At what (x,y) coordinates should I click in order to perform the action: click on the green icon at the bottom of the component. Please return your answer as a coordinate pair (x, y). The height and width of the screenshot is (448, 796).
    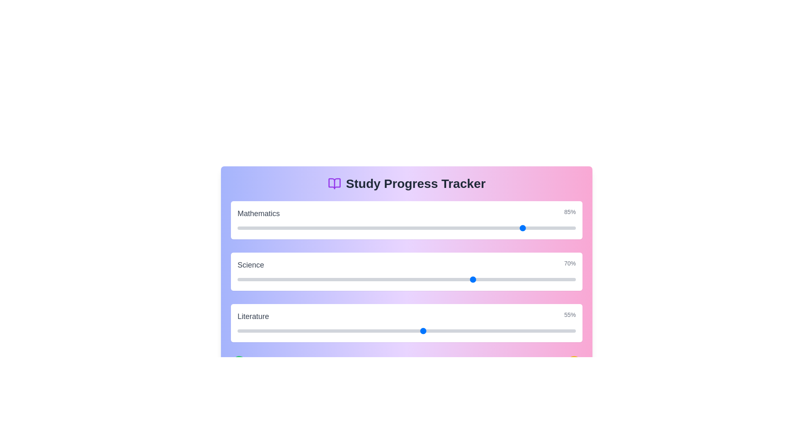
    Looking at the image, I should click on (238, 363).